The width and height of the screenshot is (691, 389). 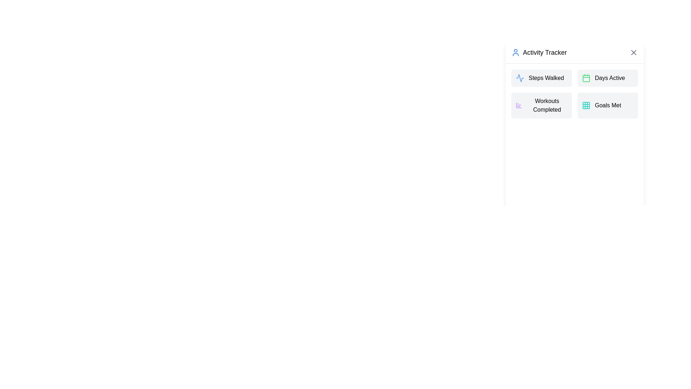 I want to click on the static text label element displaying 'Goals Met', which is located in the Activity Tracker panel, specifically in the second column and second row of the grid layout, so click(x=608, y=106).